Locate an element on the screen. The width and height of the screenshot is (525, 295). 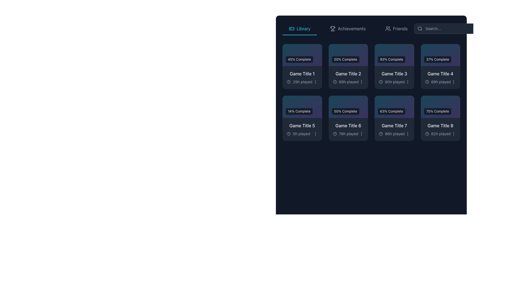
the small, circular clock-like icon located to the left of the text '82h played' in the fourth column of the second row of the grid layout for 'Game Title 8' is located at coordinates (427, 134).